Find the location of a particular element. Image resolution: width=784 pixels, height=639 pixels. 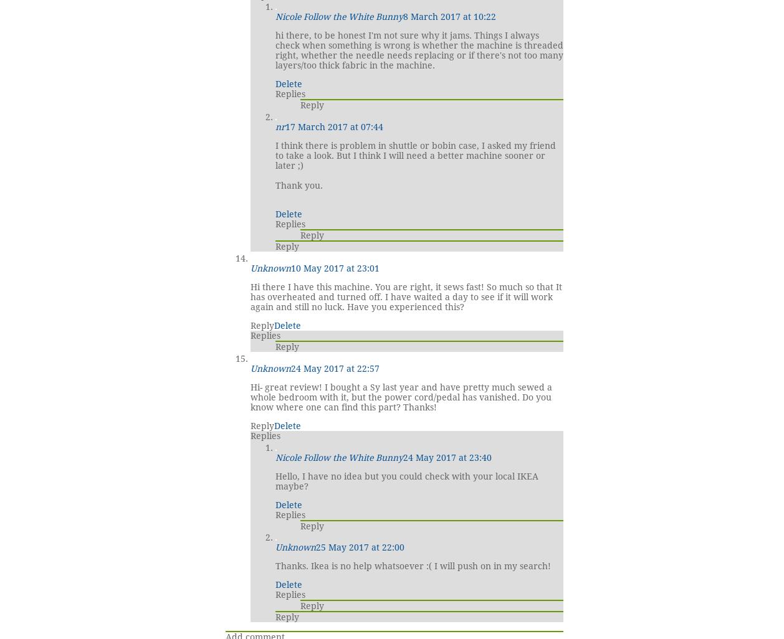

'17 March 2017 at 07:44' is located at coordinates (333, 126).